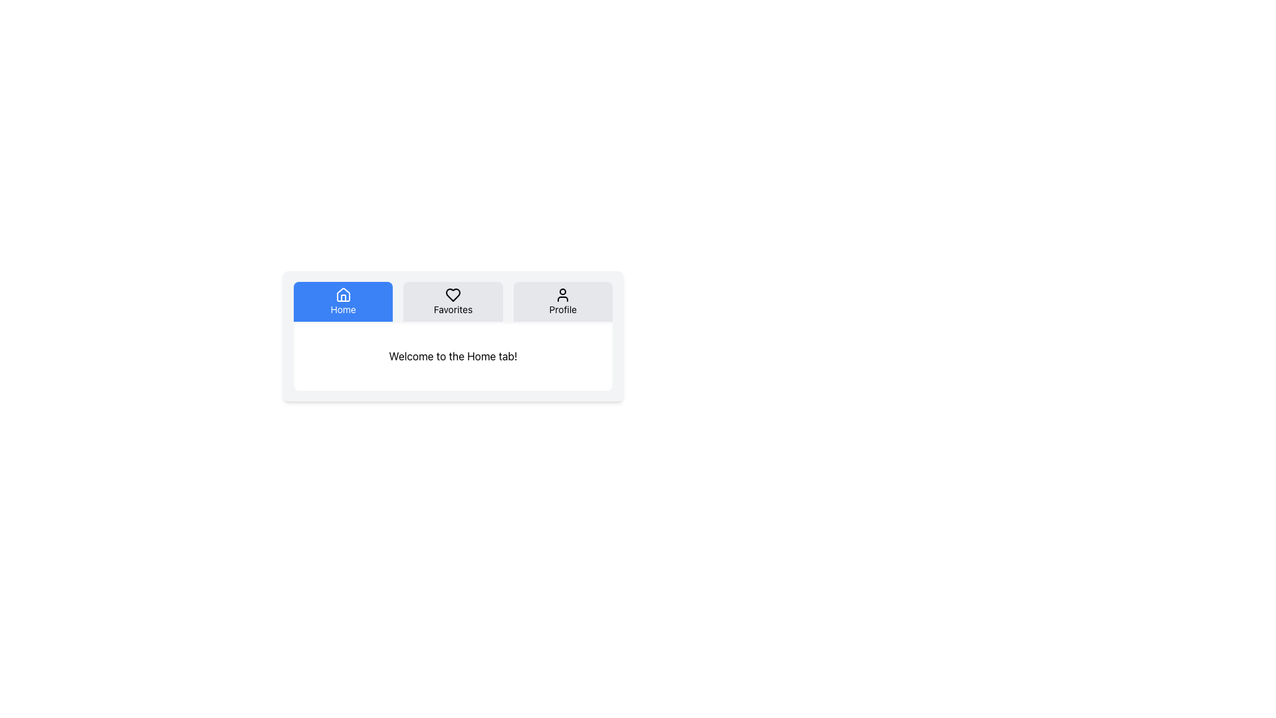 This screenshot has width=1276, height=718. What do you see at coordinates (563, 310) in the screenshot?
I see `the 'Profile' tab text label, which is located at the bottom of the third tab from the left in the tab bar, providing a visual aid for its function` at bounding box center [563, 310].